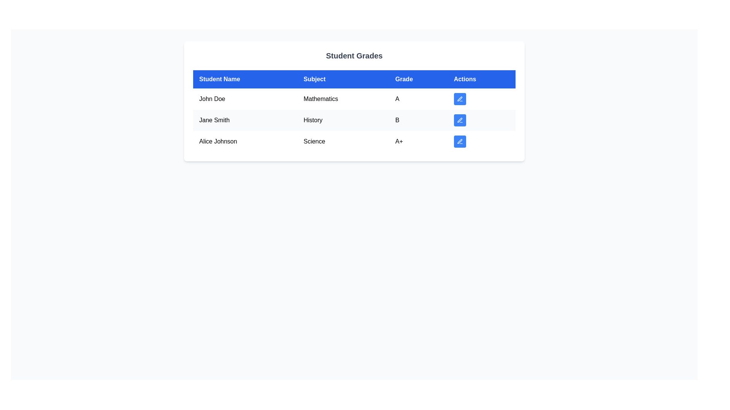 The image size is (730, 410). I want to click on the blue button with a white edit icon located in the 'Actions' column of the first row, aligned with 'Mathematics' and 'A', so click(459, 99).